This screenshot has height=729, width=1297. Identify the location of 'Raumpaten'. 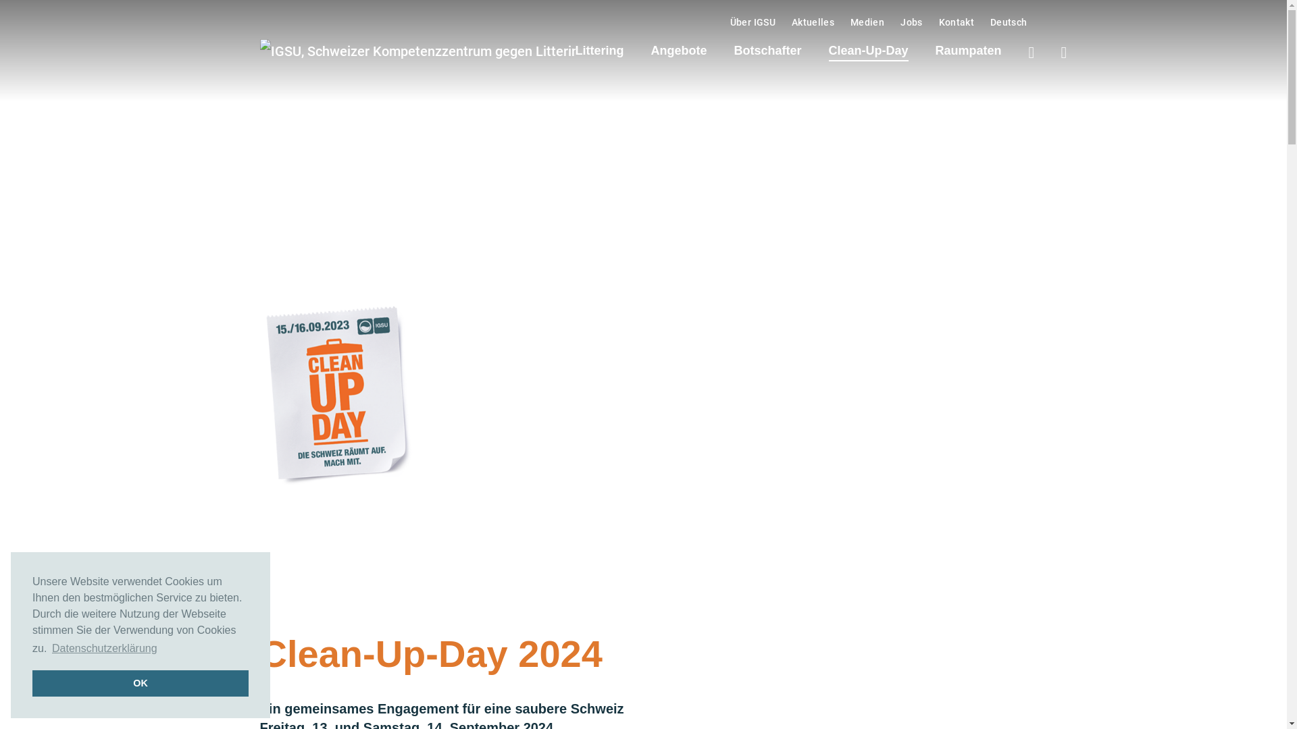
(968, 49).